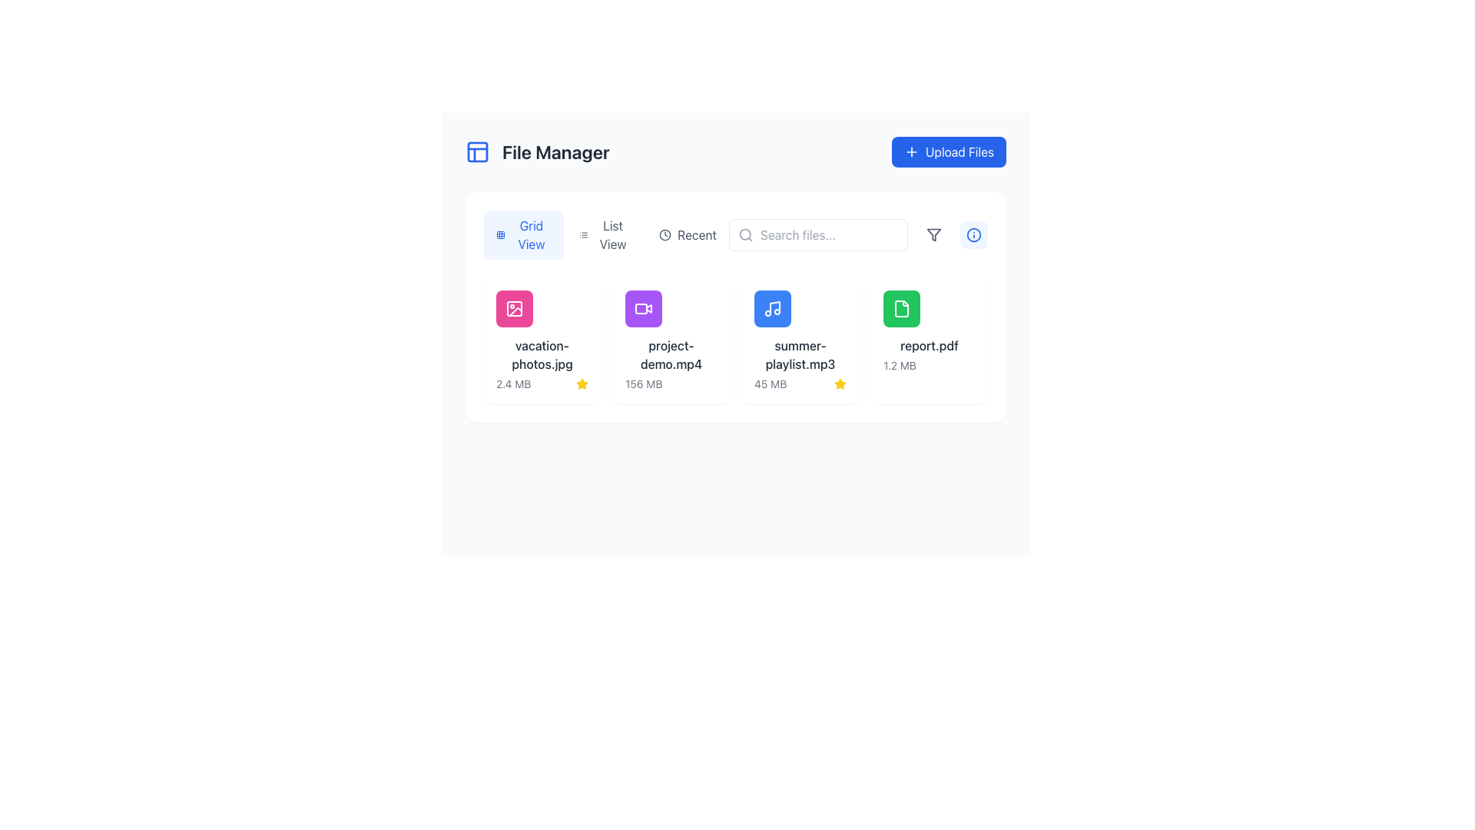  I want to click on the static text label displaying 'report.pdf', which is part of the file management interface and is located above the file size text '1.2 MB', so click(928, 346).